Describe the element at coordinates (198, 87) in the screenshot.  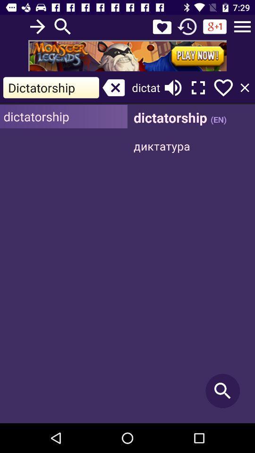
I see `the fullscreen icon` at that location.